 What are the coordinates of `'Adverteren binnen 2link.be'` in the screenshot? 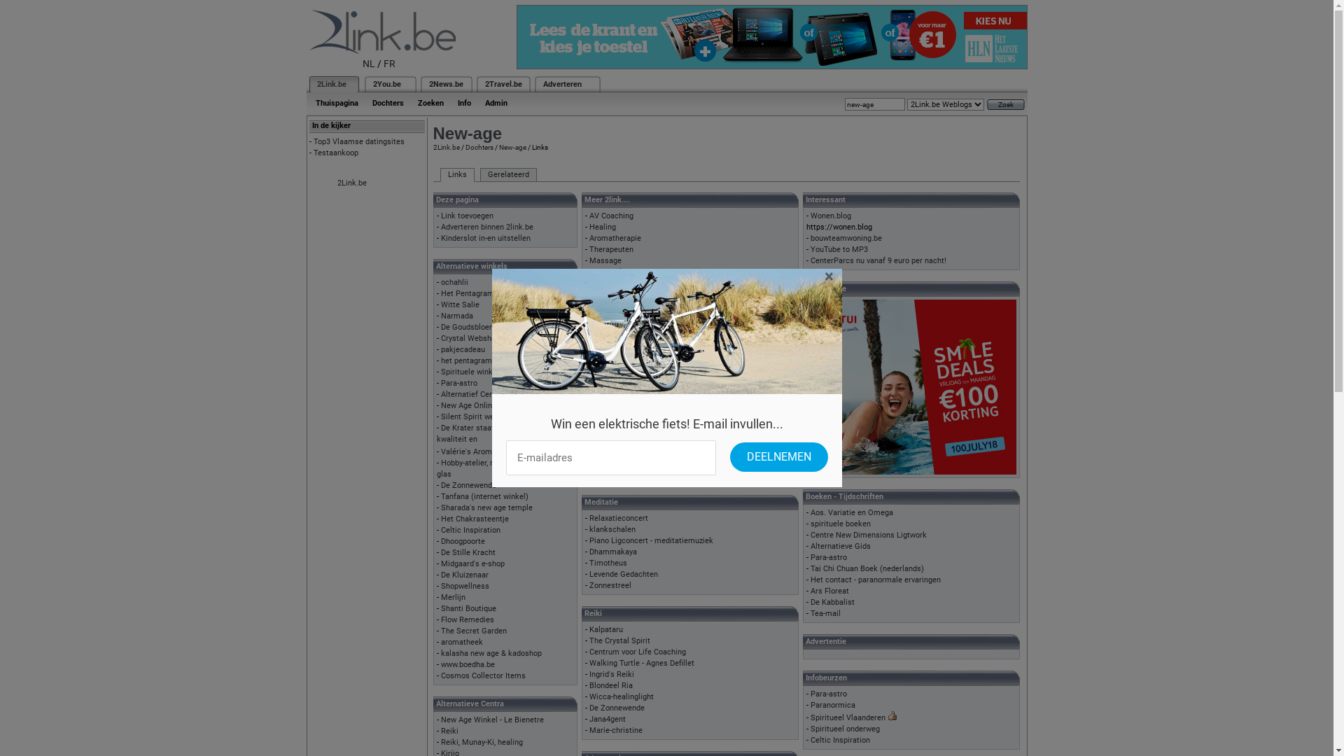 It's located at (487, 226).